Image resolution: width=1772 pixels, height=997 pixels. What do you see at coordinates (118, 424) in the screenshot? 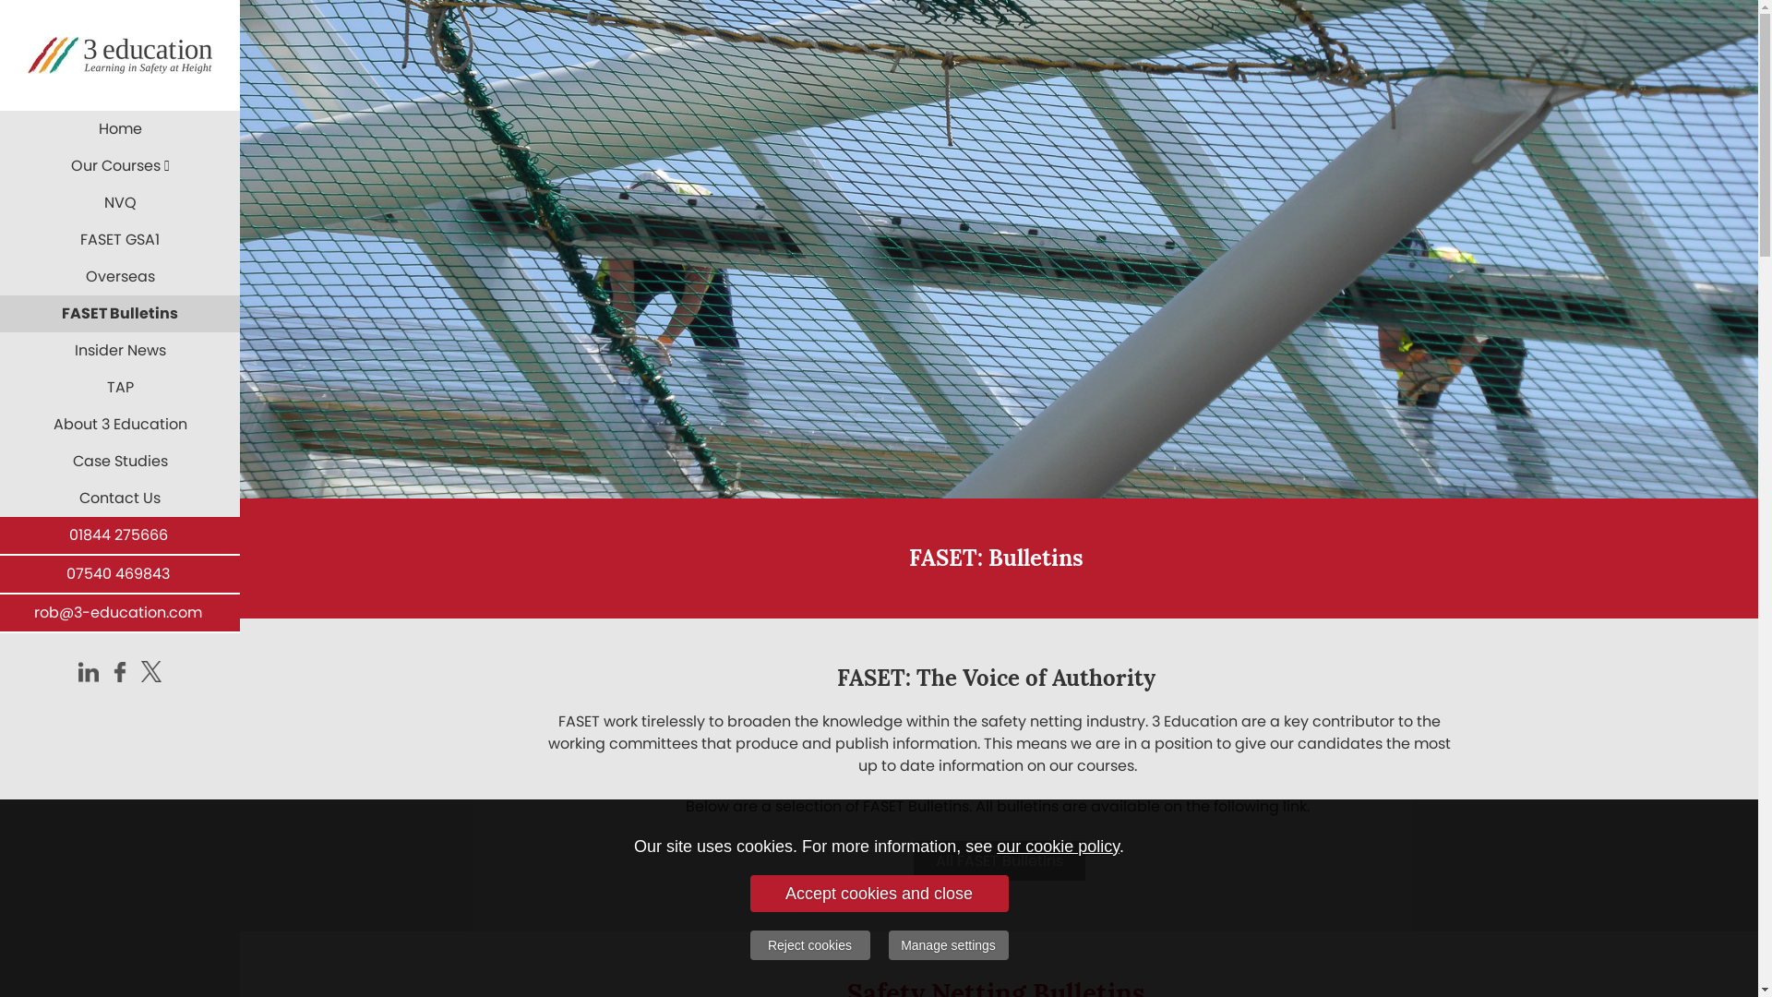
I see `'About 3 Education'` at bounding box center [118, 424].